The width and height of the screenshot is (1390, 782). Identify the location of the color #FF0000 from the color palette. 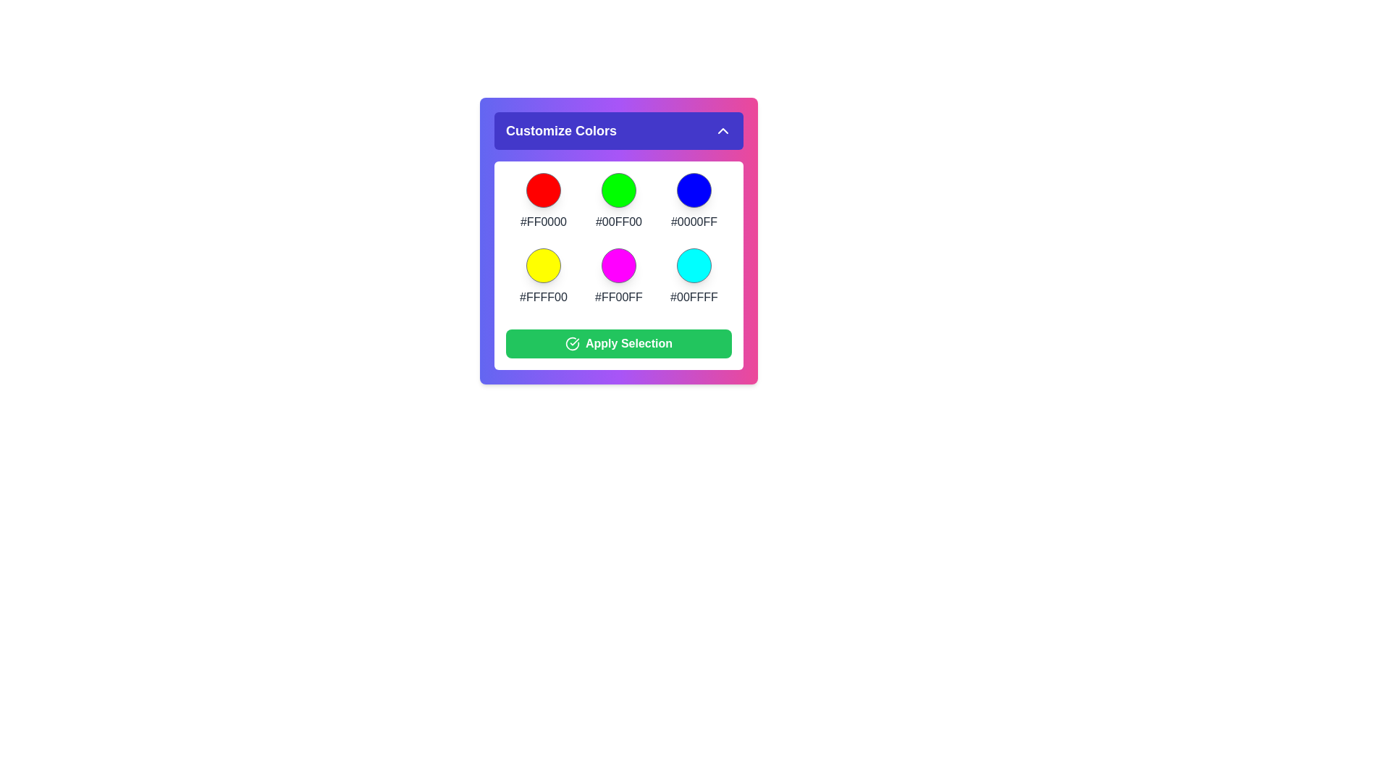
(542, 189).